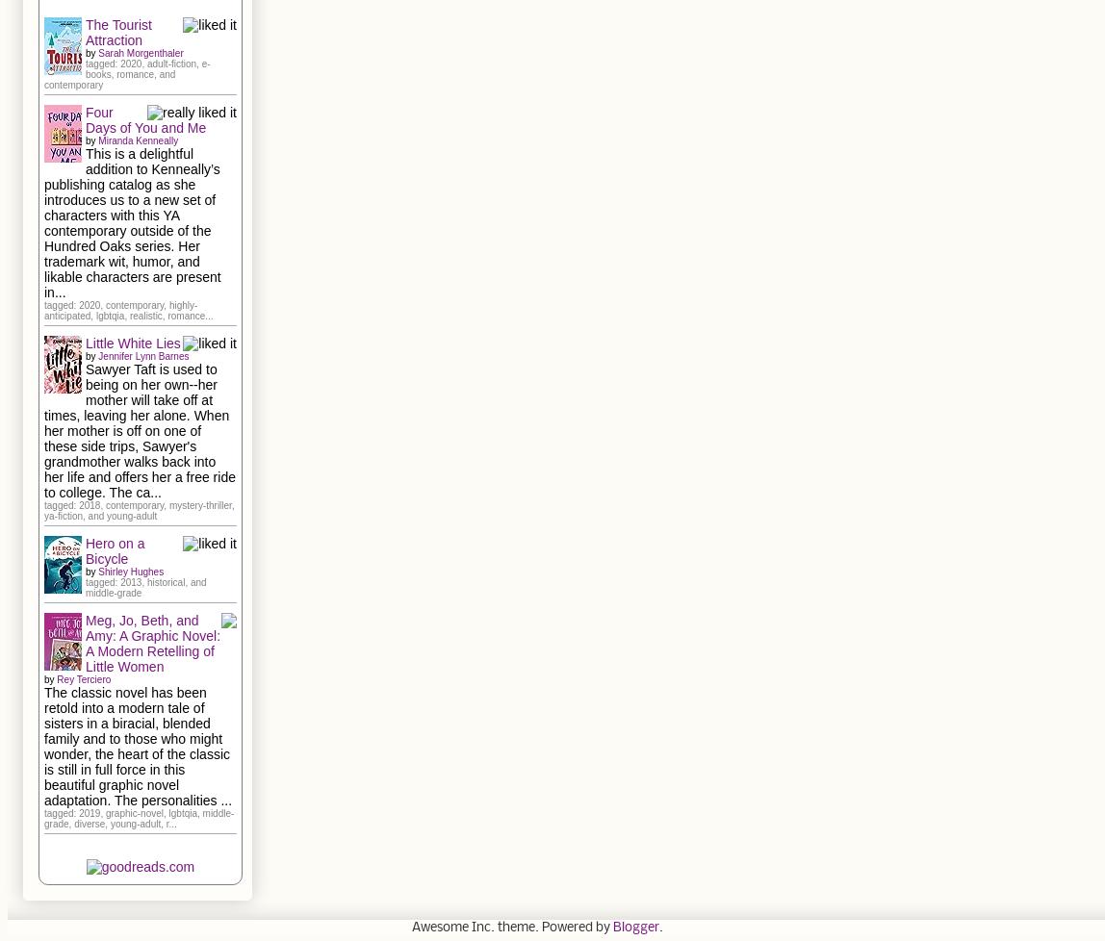 Image resolution: width=1105 pixels, height=941 pixels. What do you see at coordinates (44, 222) in the screenshot?
I see `'This is a delightful addition to Kenneally’s publishing catalog as she introduces us to a new set of characters with this YA contemporary outside of the Hundred Oaks series. Her trademark wit, humor, and likable characters are present in...'` at bounding box center [44, 222].